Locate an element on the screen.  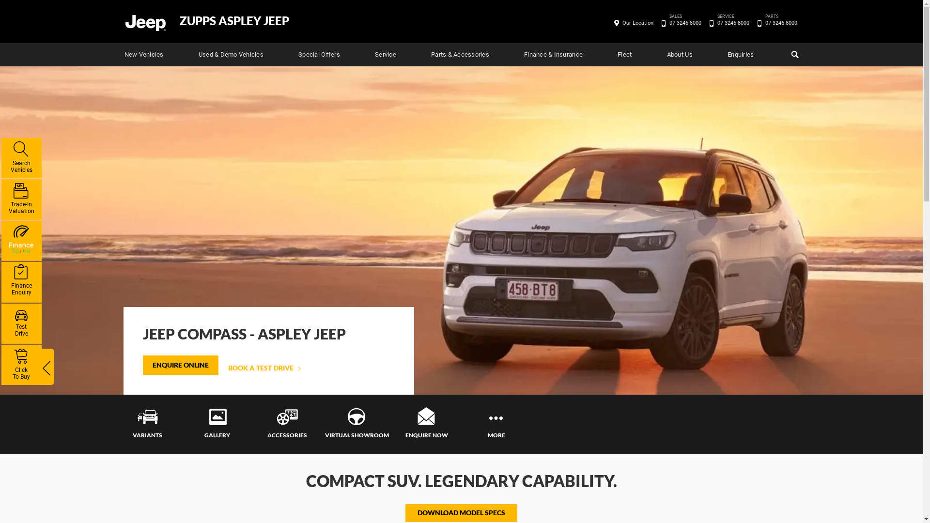
'Service' is located at coordinates (385, 54).